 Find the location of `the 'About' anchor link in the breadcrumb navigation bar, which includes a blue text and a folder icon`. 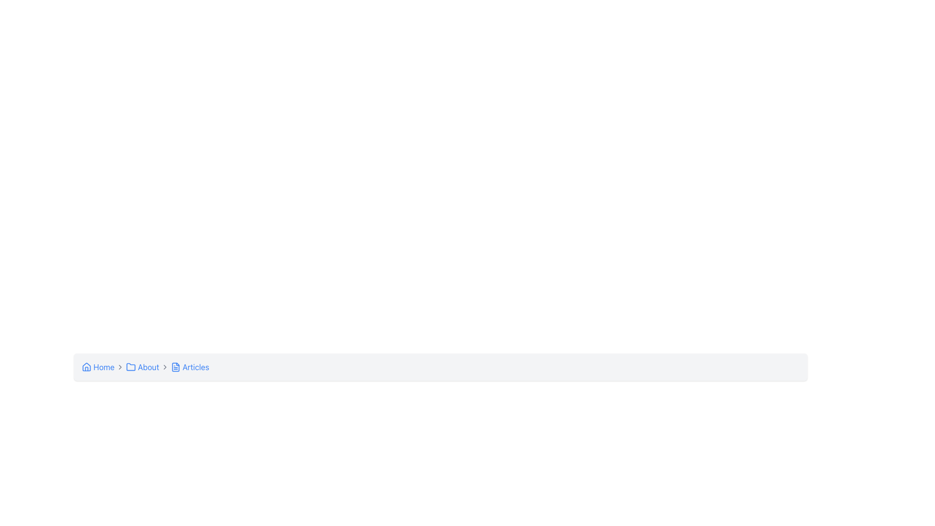

the 'About' anchor link in the breadcrumb navigation bar, which includes a blue text and a folder icon is located at coordinates (142, 367).